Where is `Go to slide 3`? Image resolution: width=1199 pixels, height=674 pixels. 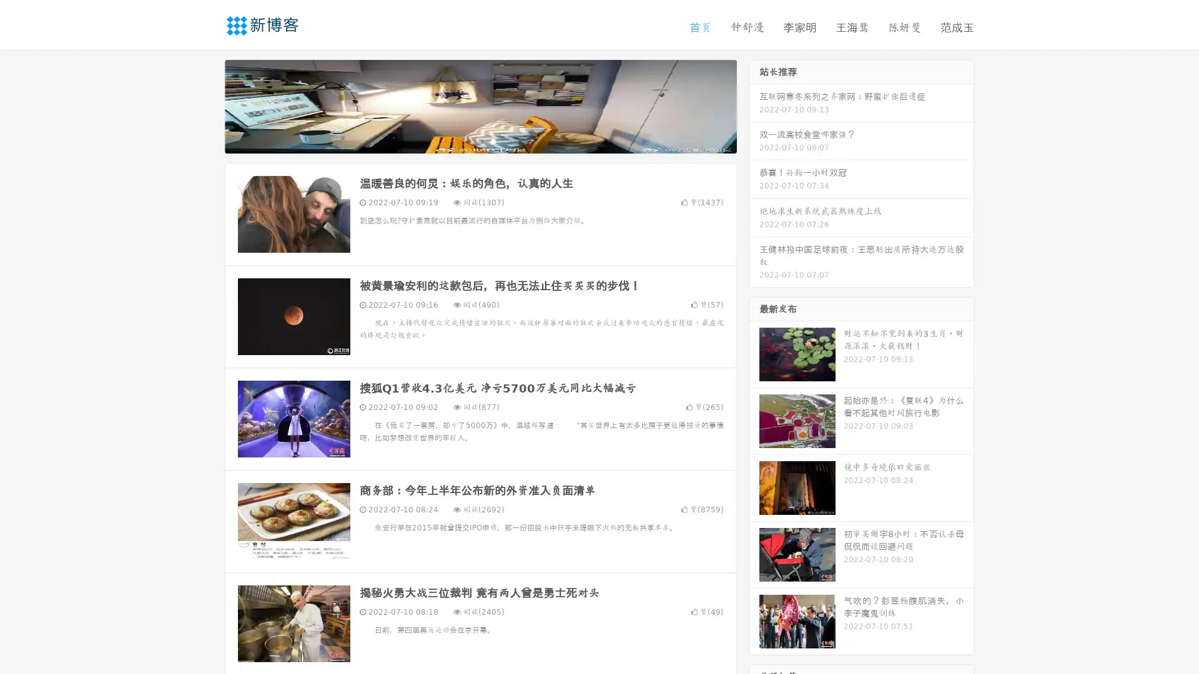
Go to slide 3 is located at coordinates (493, 140).